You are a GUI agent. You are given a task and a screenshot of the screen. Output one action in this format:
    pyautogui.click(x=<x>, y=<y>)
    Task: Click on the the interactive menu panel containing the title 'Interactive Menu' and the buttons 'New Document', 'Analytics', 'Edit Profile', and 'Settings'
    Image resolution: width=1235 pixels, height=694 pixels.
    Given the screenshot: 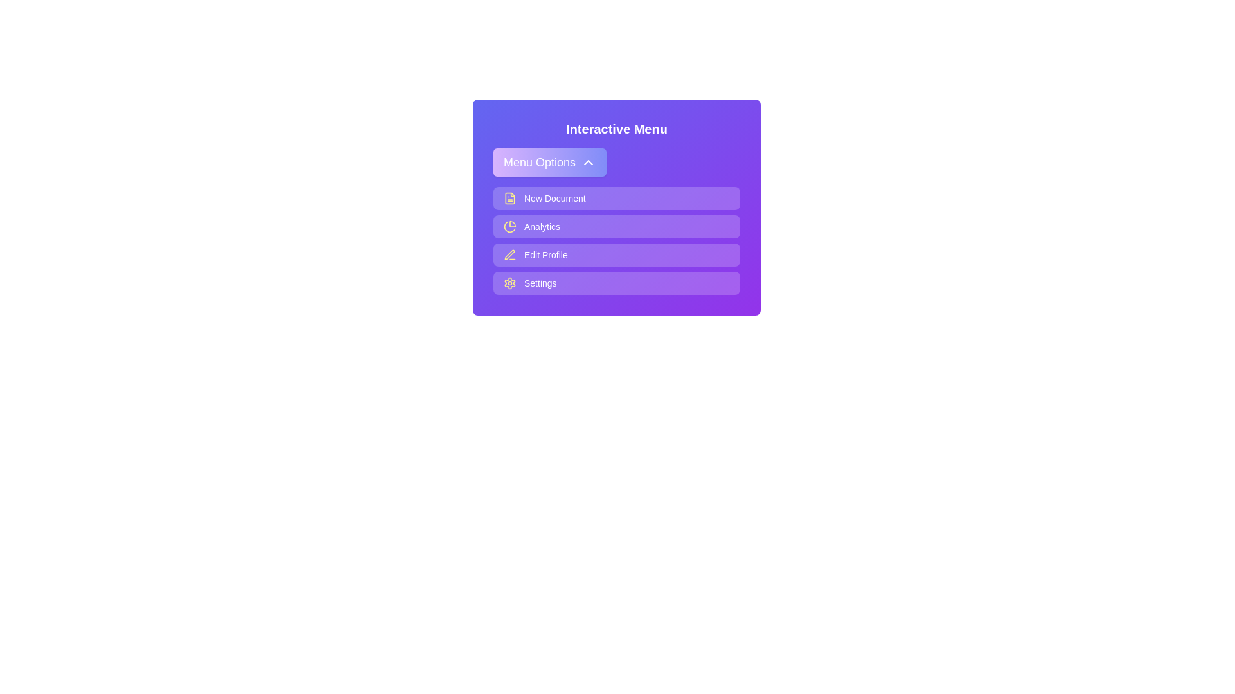 What is the action you would take?
    pyautogui.click(x=616, y=207)
    